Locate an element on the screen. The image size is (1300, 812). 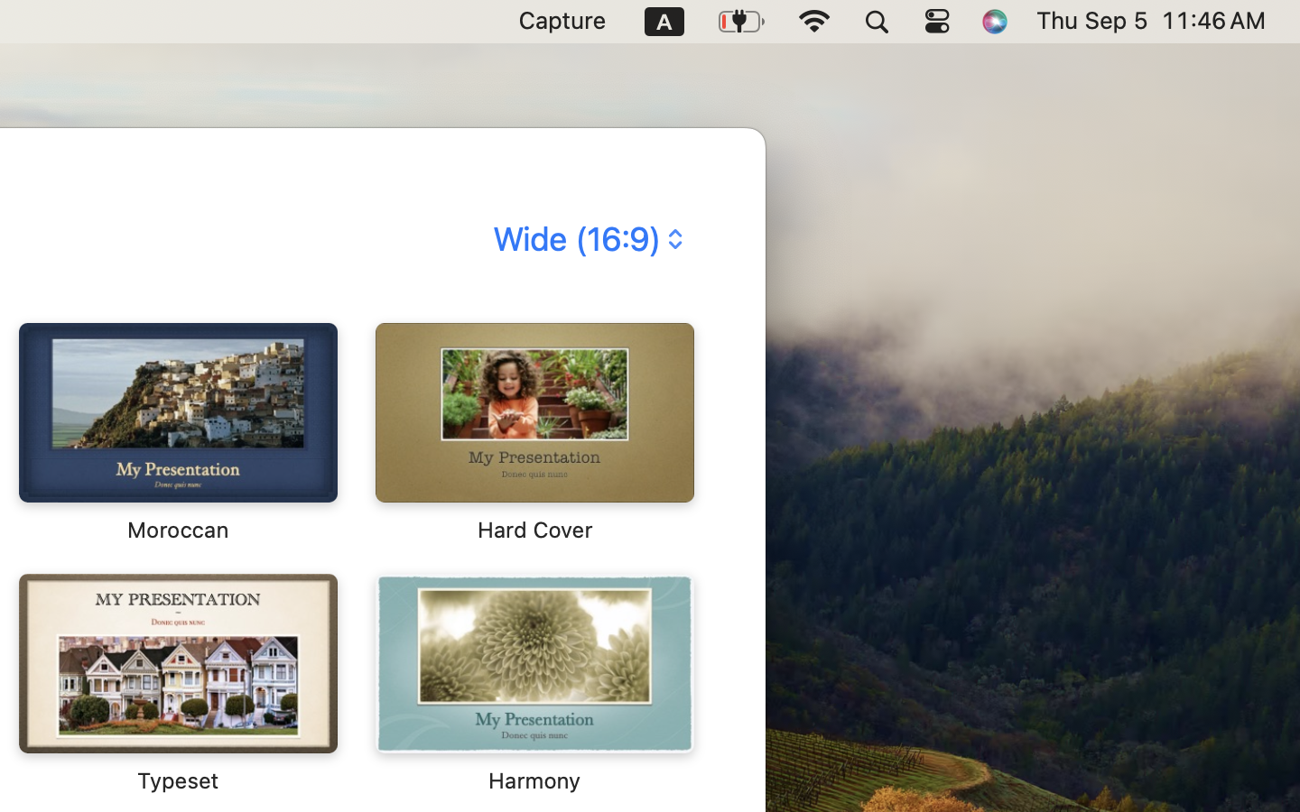
'‎⁨Harmony⁩' is located at coordinates (533, 682).